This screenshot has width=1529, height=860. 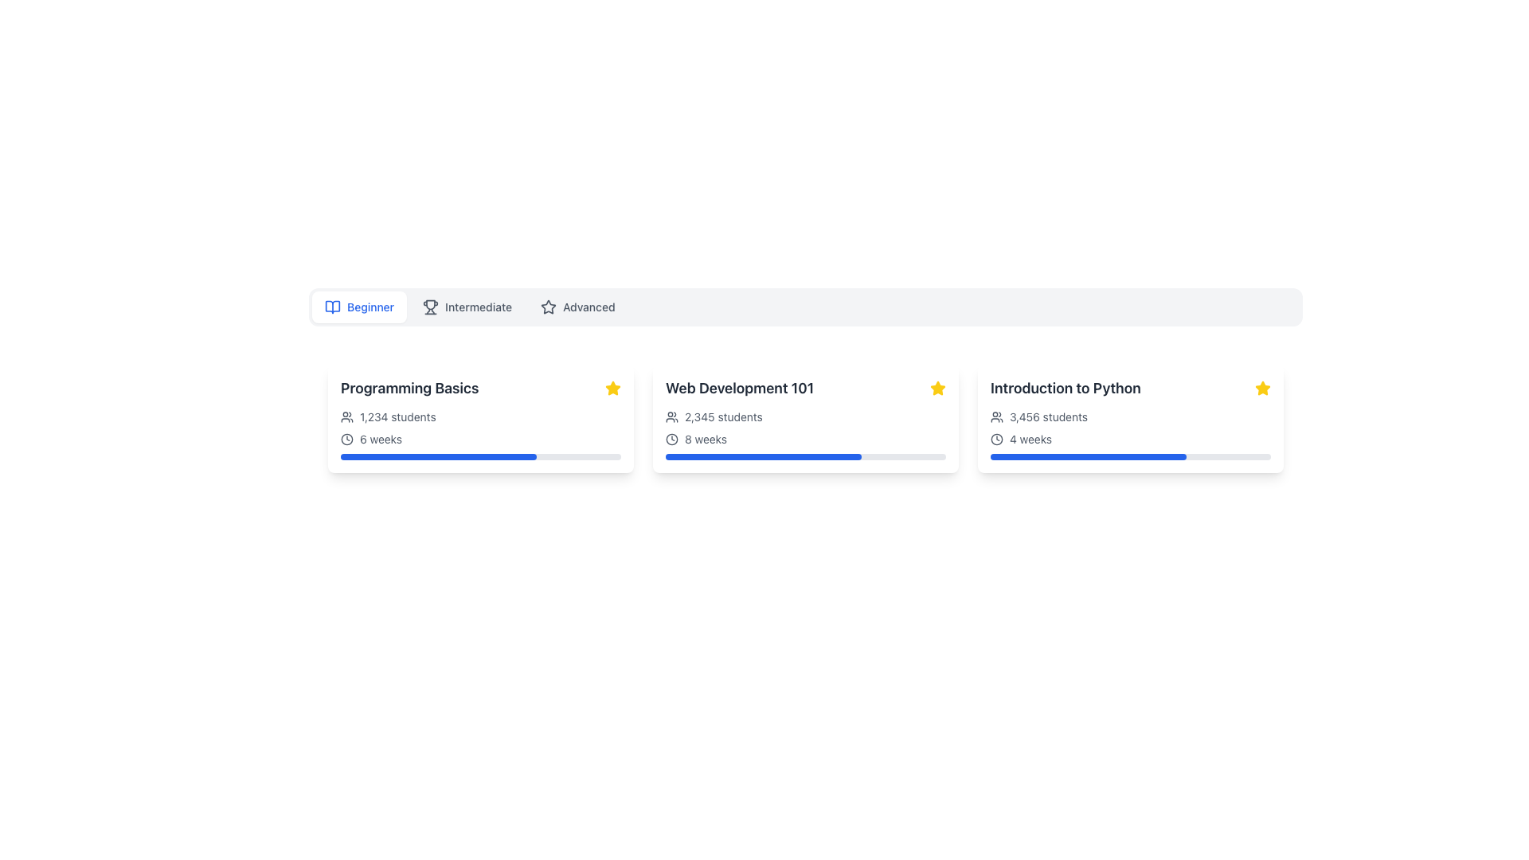 I want to click on the title text of the rightmost card, which indicates a course name or topic, located at the top of the card in a tiled layout, so click(x=1130, y=389).